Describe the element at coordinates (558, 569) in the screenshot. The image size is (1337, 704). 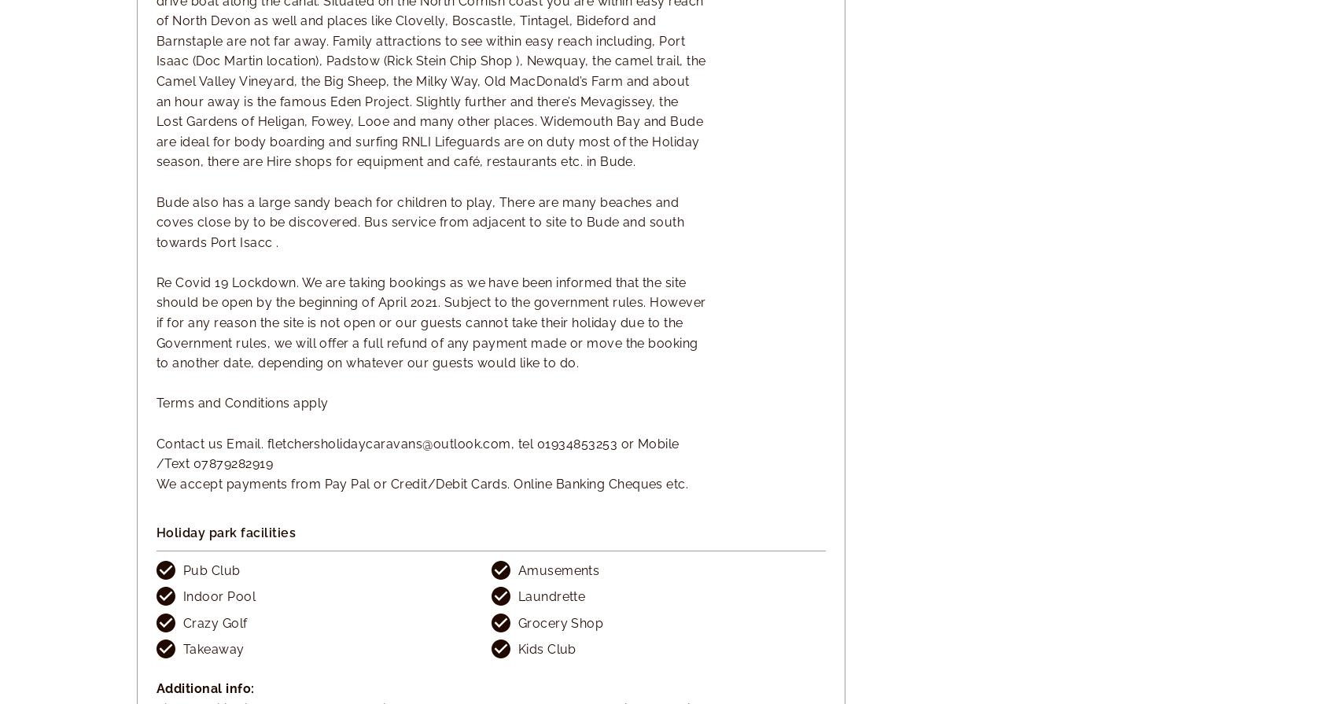
I see `'Amusements'` at that location.